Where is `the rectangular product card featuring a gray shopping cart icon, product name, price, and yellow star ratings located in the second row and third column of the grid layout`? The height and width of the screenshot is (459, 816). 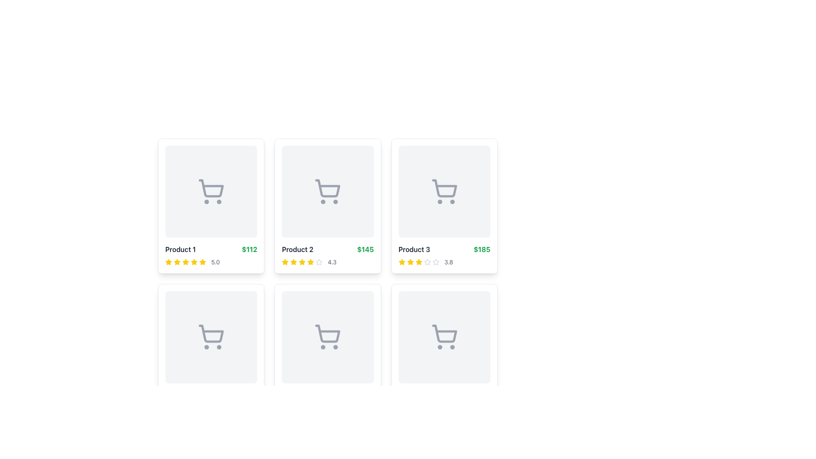
the rectangular product card featuring a gray shopping cart icon, product name, price, and yellow star ratings located in the second row and third column of the grid layout is located at coordinates (444, 351).